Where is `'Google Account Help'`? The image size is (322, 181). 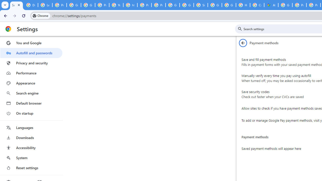
'Google Account Help' is located at coordinates (73, 5).